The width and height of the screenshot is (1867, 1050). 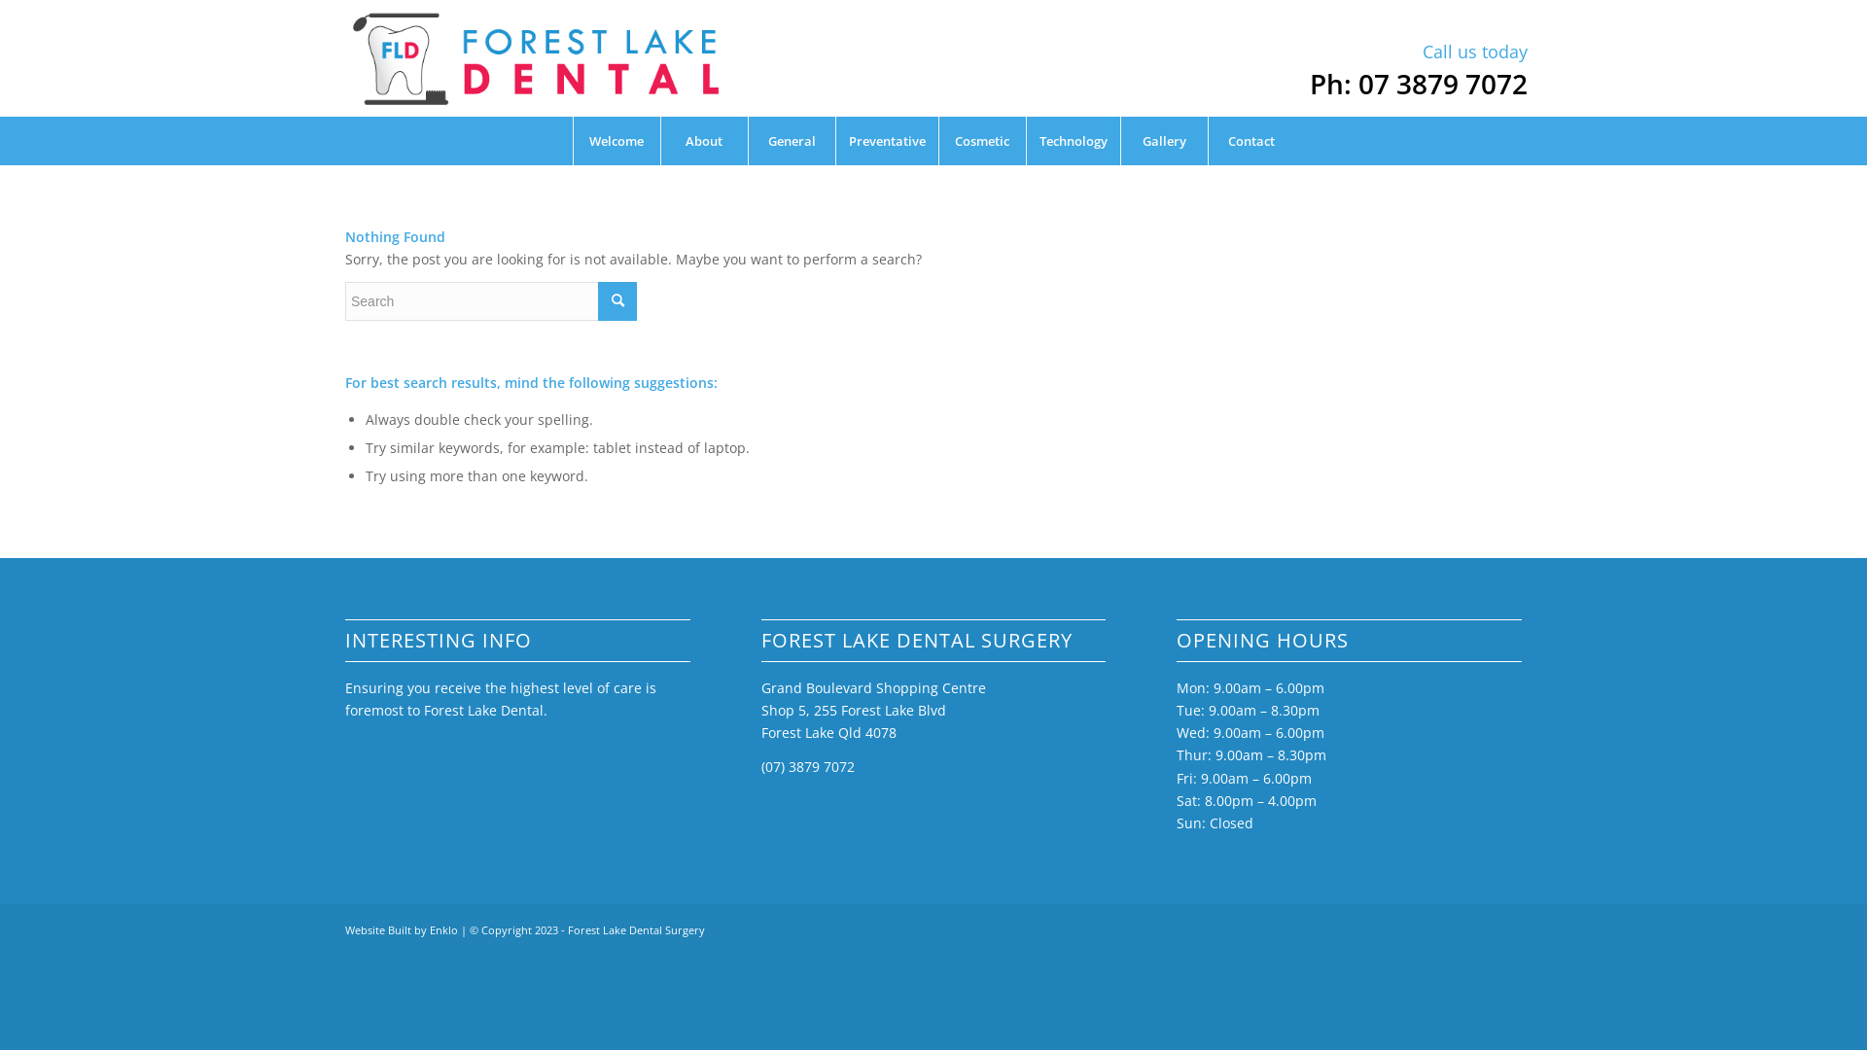 I want to click on 'General', so click(x=790, y=140).